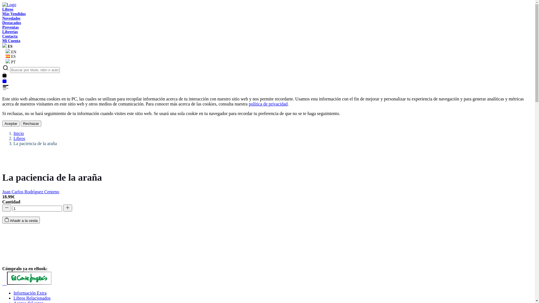 This screenshot has height=303, width=539. Describe the element at coordinates (8, 9) in the screenshot. I see `'Libros'` at that location.